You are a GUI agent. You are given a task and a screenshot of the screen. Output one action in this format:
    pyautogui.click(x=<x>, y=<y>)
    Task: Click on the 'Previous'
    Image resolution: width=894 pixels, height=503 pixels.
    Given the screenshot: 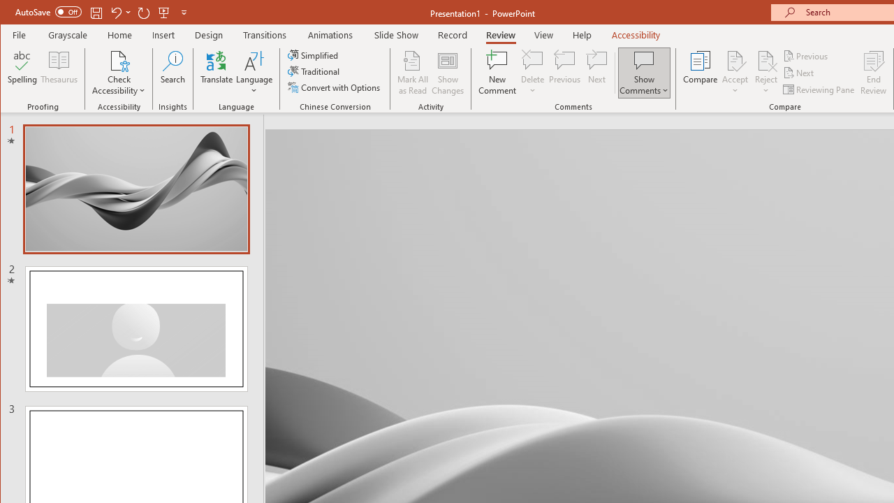 What is the action you would take?
    pyautogui.click(x=806, y=55)
    